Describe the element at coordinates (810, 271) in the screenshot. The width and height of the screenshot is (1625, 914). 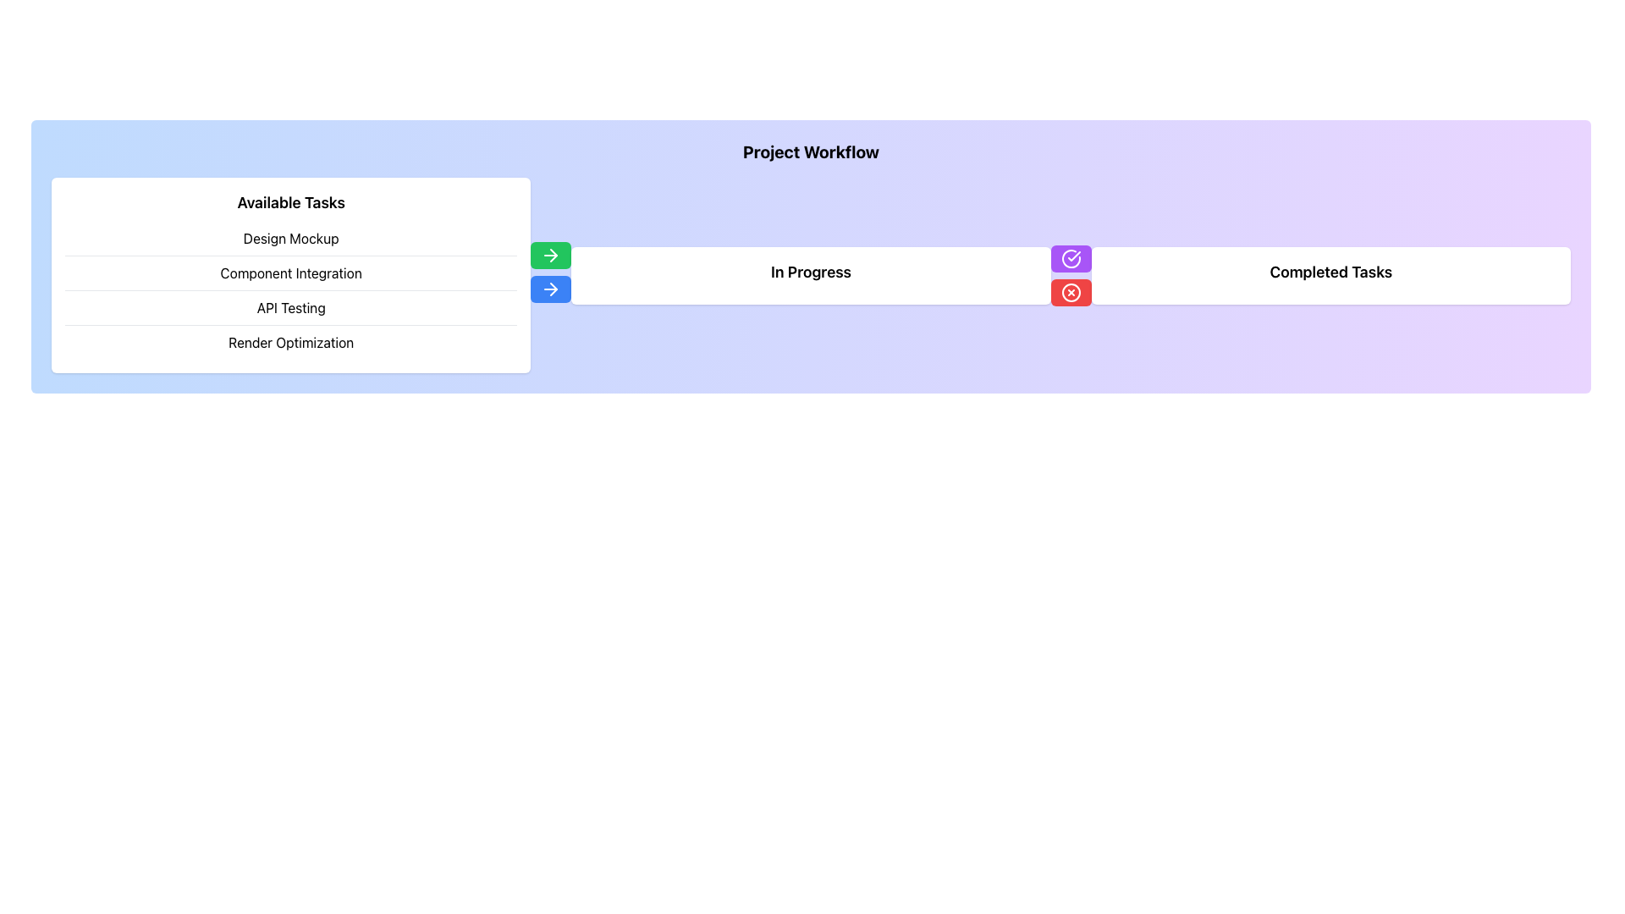
I see `the 'In Progress' label which displays bold black text in a larger sans-serif font, centered within a white rectangular background` at that location.